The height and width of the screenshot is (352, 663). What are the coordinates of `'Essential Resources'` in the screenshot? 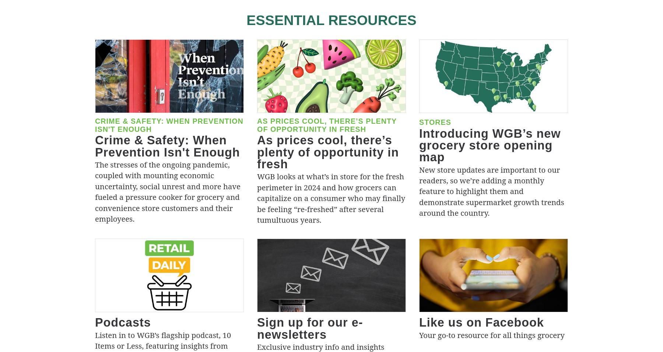 It's located at (331, 20).